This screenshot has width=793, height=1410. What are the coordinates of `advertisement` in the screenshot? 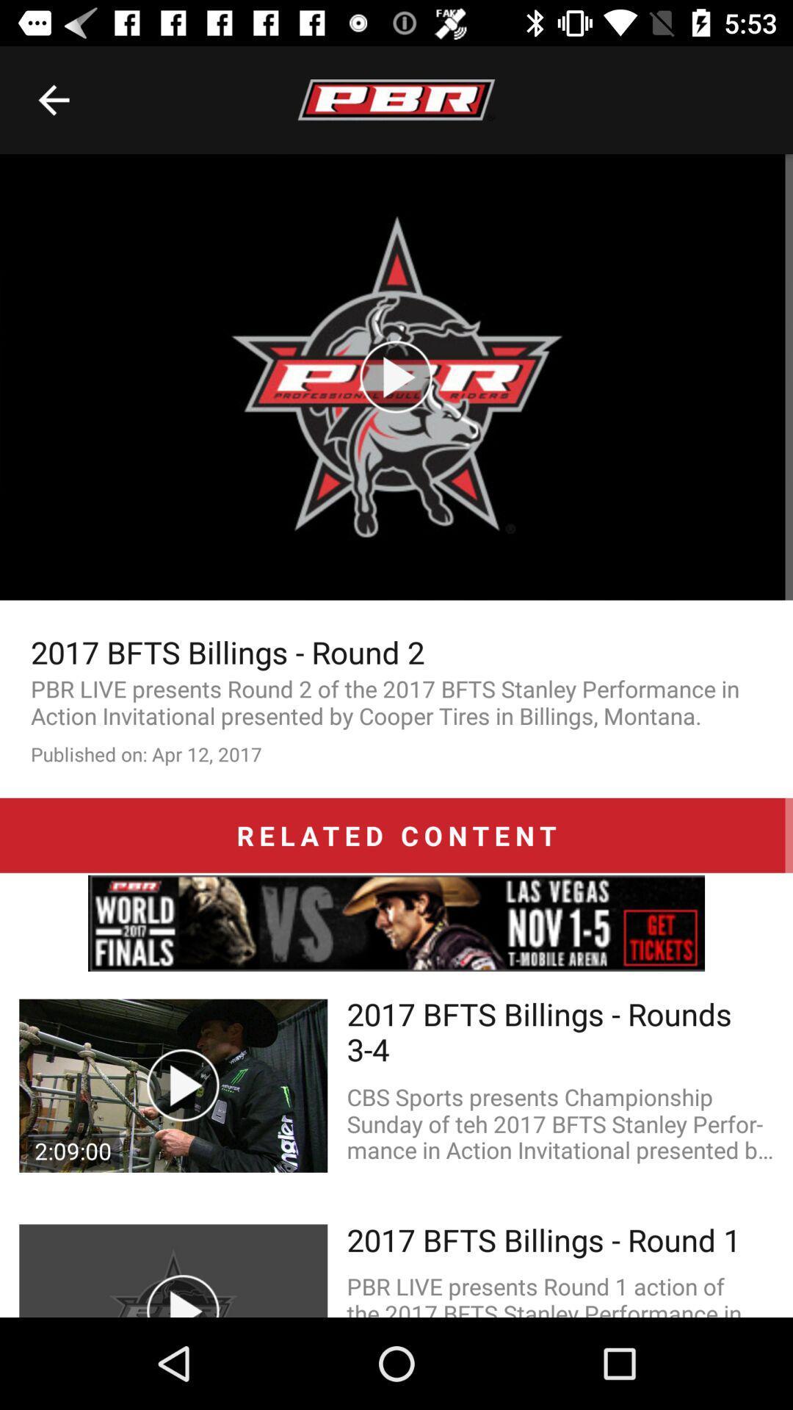 It's located at (396, 922).